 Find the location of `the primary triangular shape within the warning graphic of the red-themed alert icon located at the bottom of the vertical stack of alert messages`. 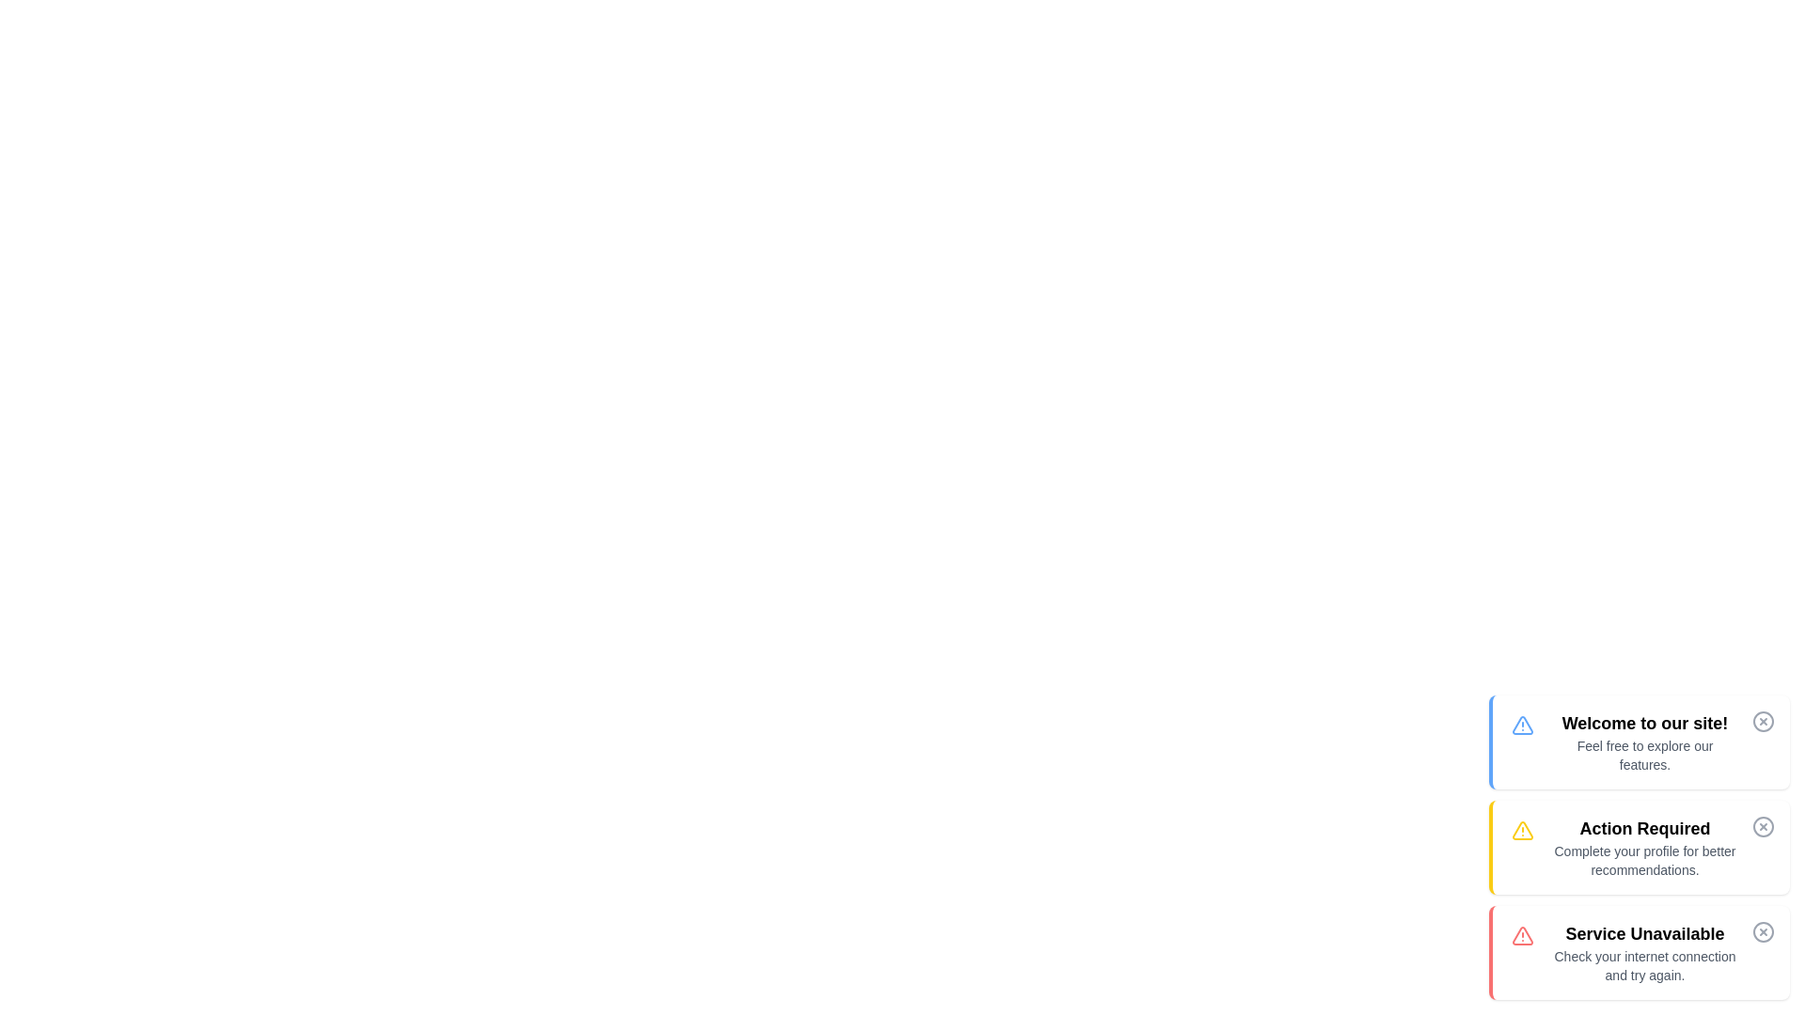

the primary triangular shape within the warning graphic of the red-themed alert icon located at the bottom of the vertical stack of alert messages is located at coordinates (1521, 935).